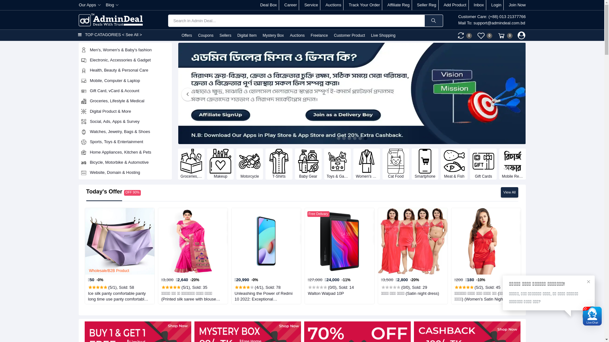 The image size is (609, 342). What do you see at coordinates (477, 35) in the screenshot?
I see `'0'` at bounding box center [477, 35].